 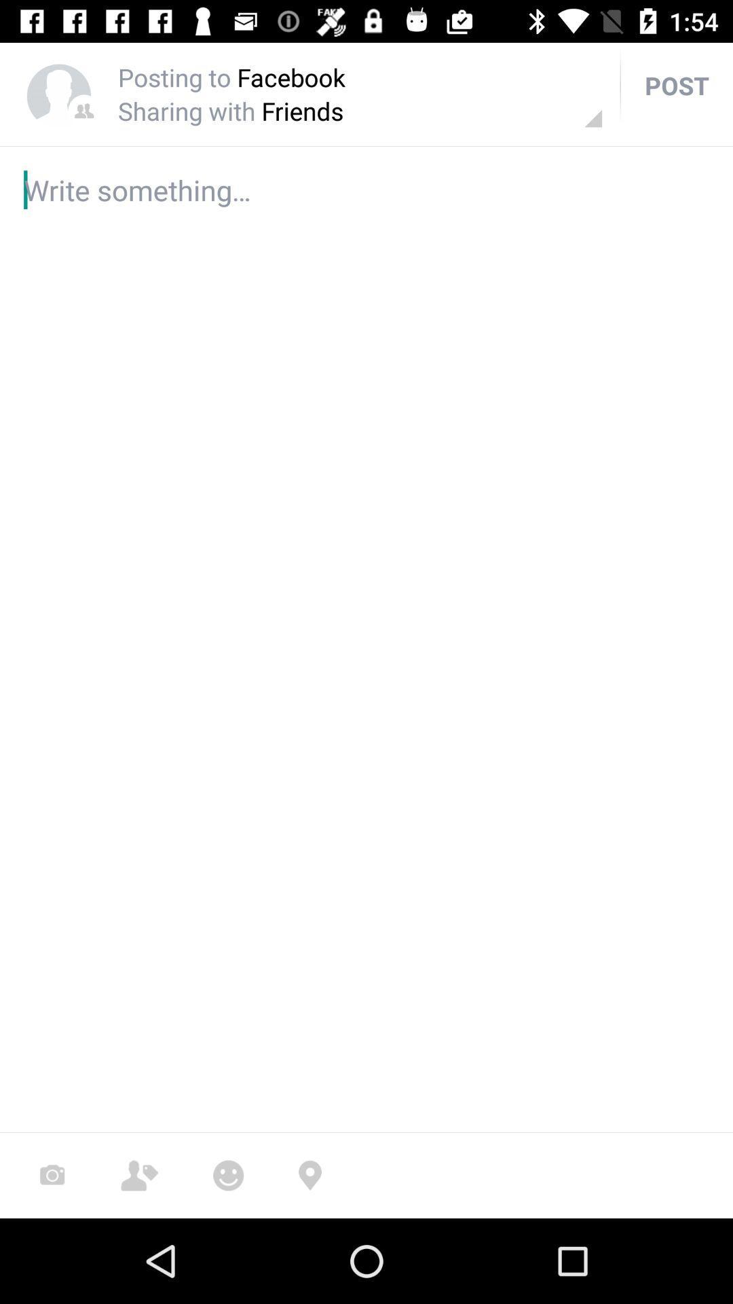 What do you see at coordinates (677, 84) in the screenshot?
I see `the post item` at bounding box center [677, 84].